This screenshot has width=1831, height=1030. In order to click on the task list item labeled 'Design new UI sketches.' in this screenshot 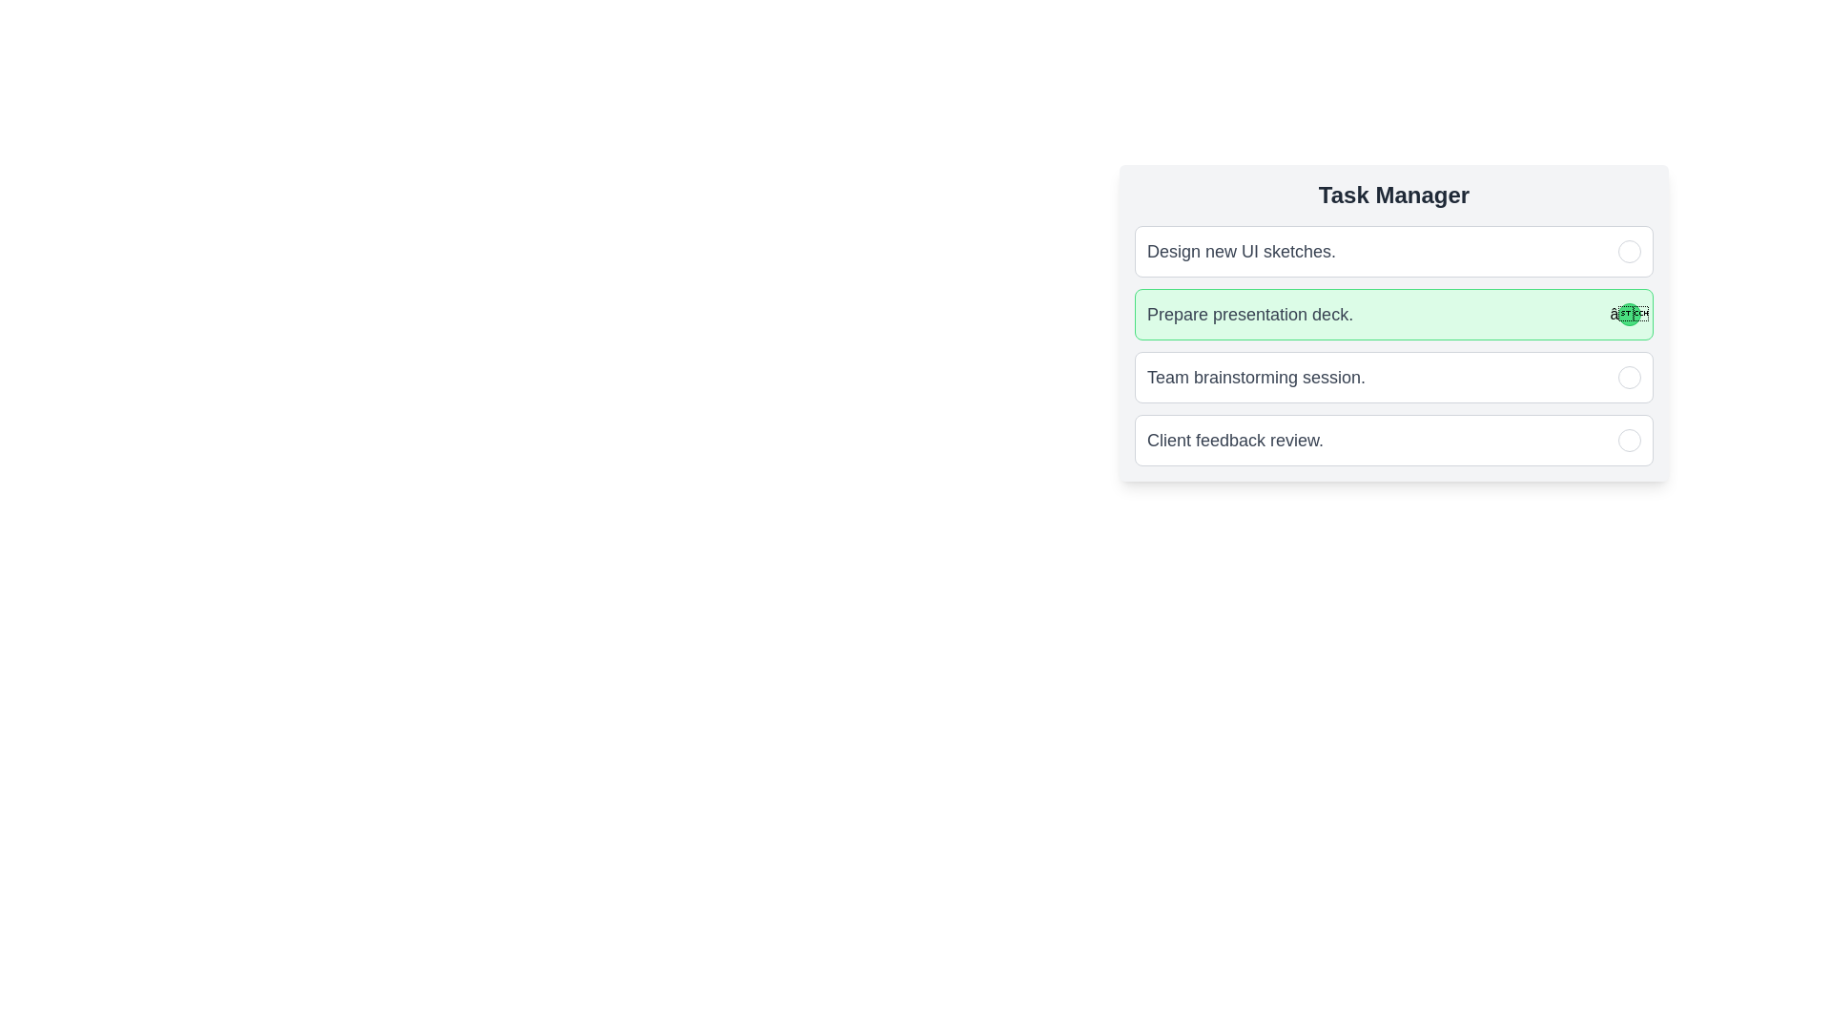, I will do `click(1394, 250)`.